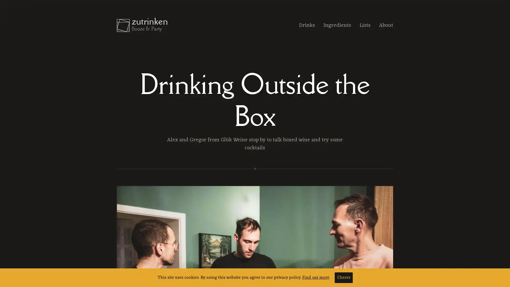  I want to click on Cheers, so click(343, 277).